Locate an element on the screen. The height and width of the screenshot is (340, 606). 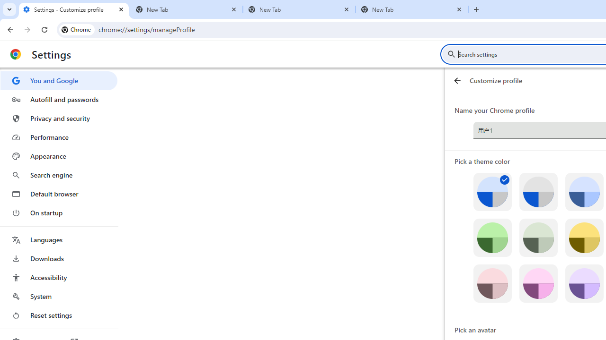
'Downloads' is located at coordinates (58, 258).